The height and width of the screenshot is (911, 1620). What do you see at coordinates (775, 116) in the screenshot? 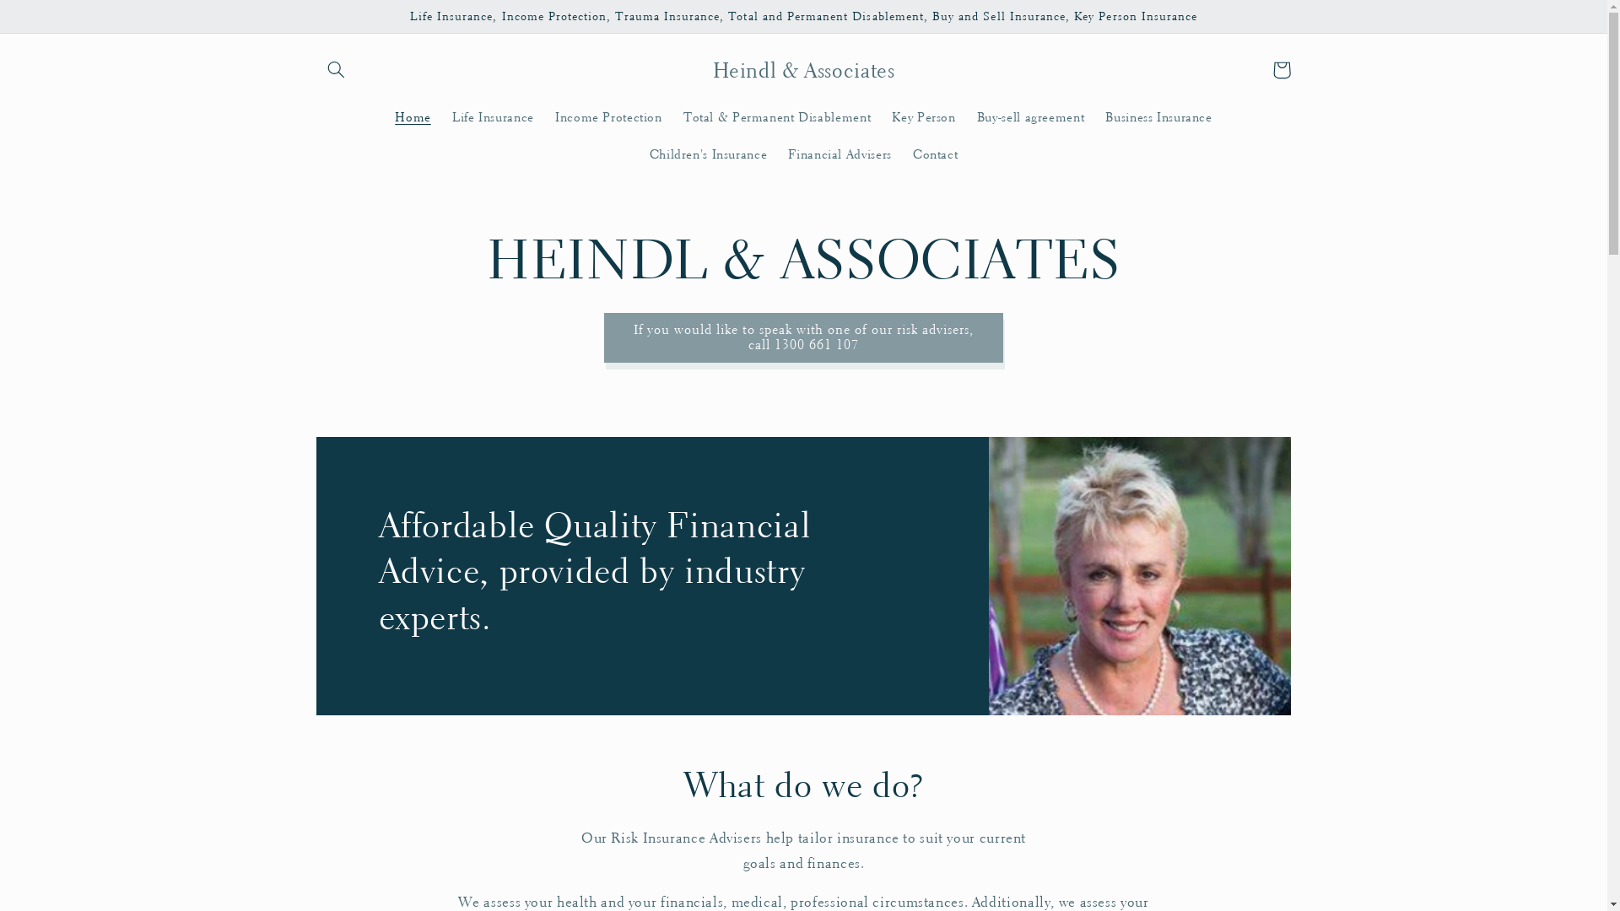
I see `'Total & Permanent Disablement'` at bounding box center [775, 116].